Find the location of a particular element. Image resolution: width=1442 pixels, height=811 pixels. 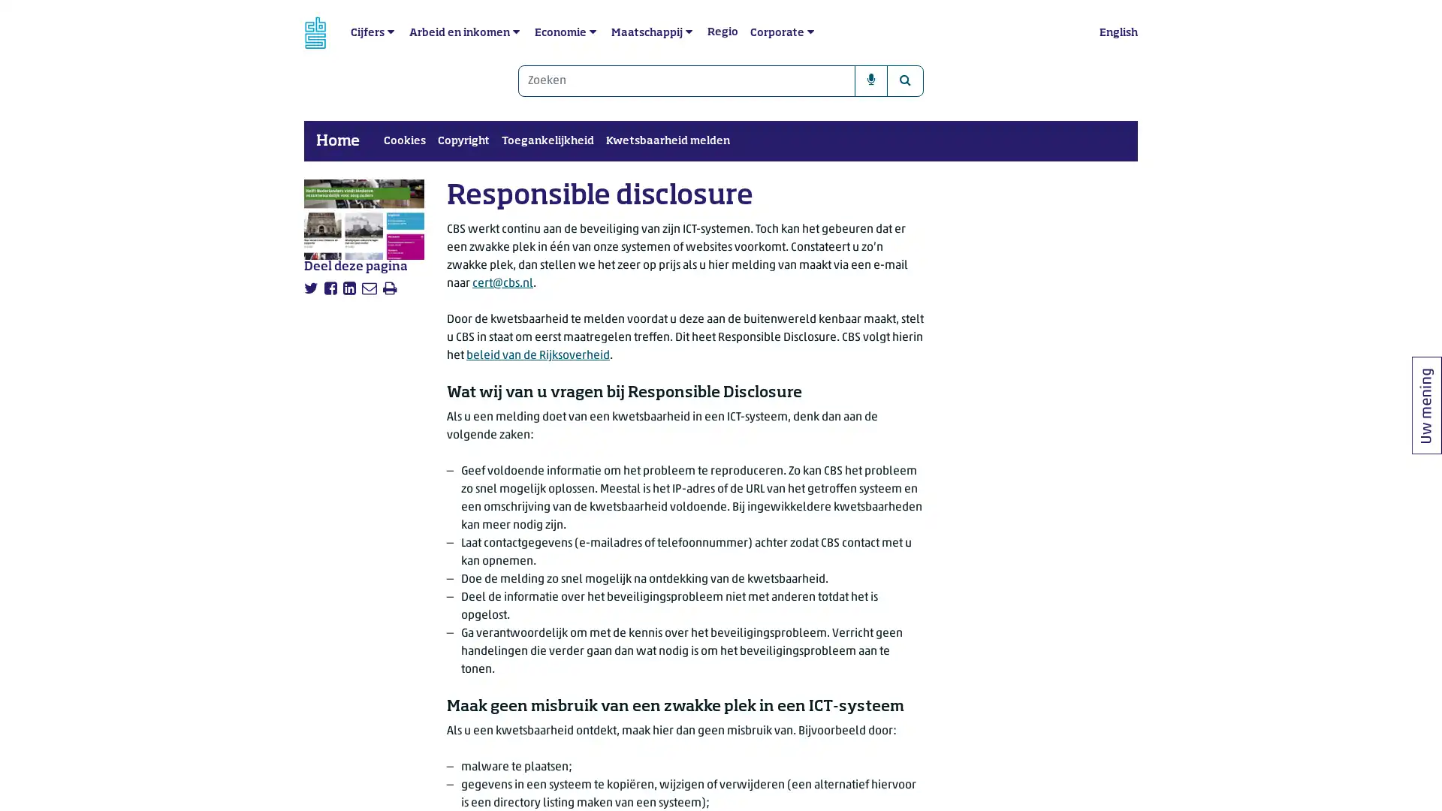

submenu Cijfers is located at coordinates (391, 32).